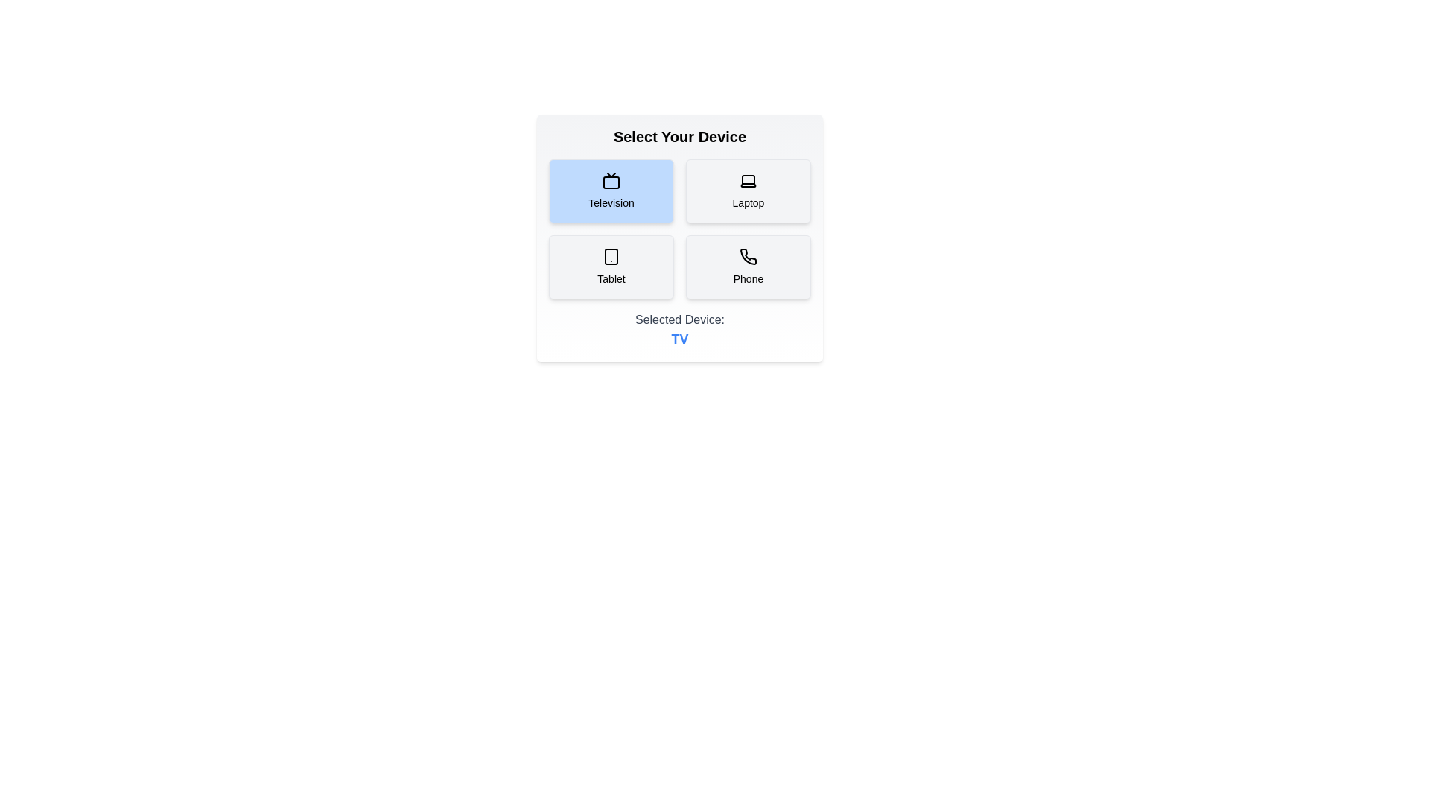  What do you see at coordinates (748, 191) in the screenshot?
I see `the button corresponding to Laptop to select it` at bounding box center [748, 191].